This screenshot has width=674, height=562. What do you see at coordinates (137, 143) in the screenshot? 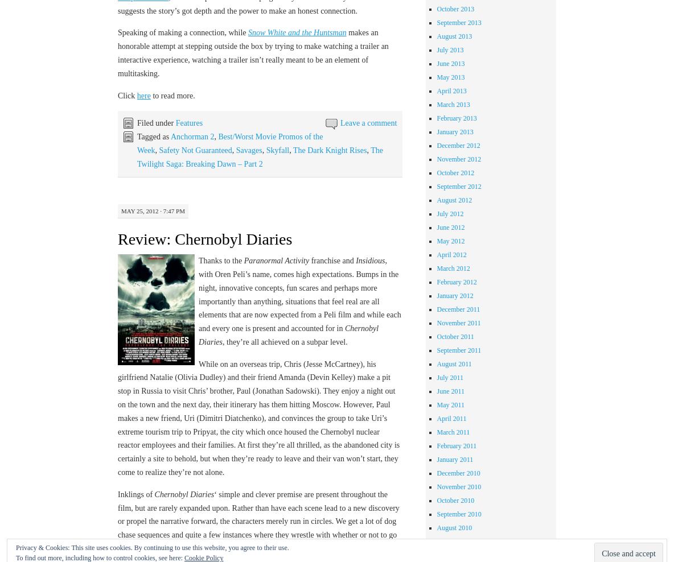
I see `'Best/Worst Movie Promos of the Week'` at bounding box center [137, 143].